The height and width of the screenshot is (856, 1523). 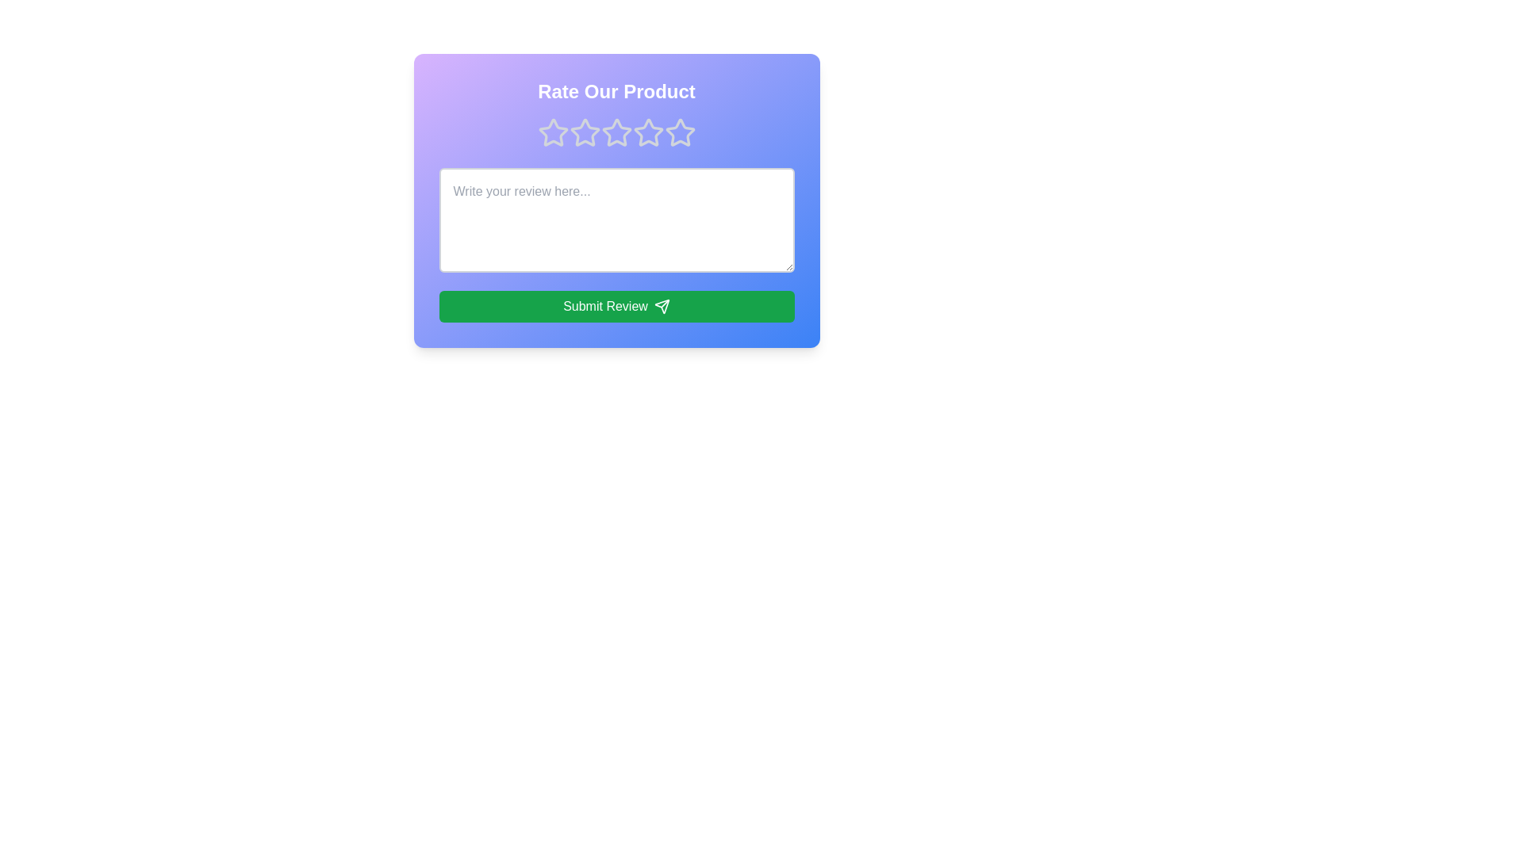 What do you see at coordinates (616, 132) in the screenshot?
I see `the second star-shaped icon with gray borders in the row of rating stars beneath the 'Rate Our Product' header` at bounding box center [616, 132].